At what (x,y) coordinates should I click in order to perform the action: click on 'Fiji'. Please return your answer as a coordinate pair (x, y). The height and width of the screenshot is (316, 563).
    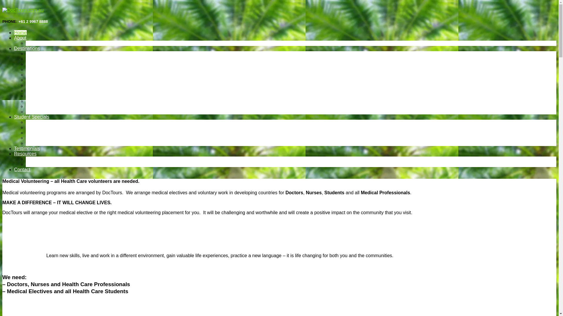
    Looking at the image, I should click on (28, 64).